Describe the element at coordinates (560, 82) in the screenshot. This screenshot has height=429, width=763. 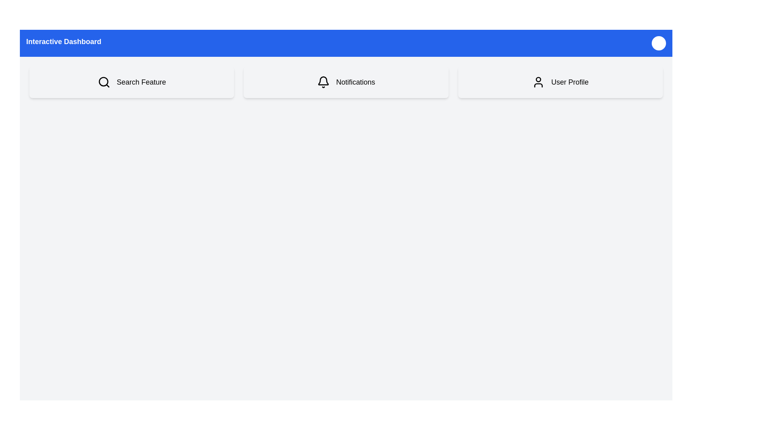
I see `the 'User Profile' card, which is the third card in a row of three, styled with a light gray background and rounded corners` at that location.